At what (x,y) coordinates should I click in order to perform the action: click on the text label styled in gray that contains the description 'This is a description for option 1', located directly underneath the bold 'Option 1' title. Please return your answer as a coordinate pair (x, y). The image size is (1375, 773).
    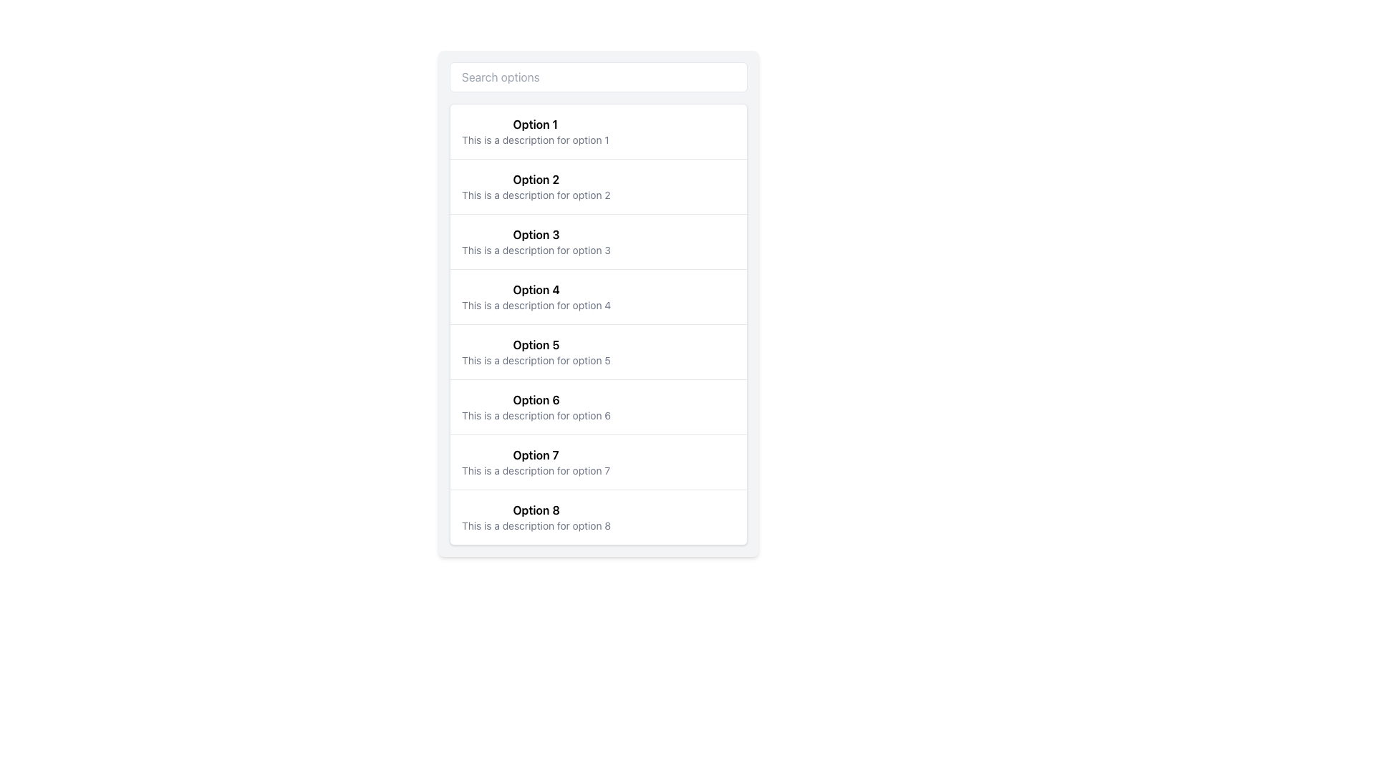
    Looking at the image, I should click on (534, 140).